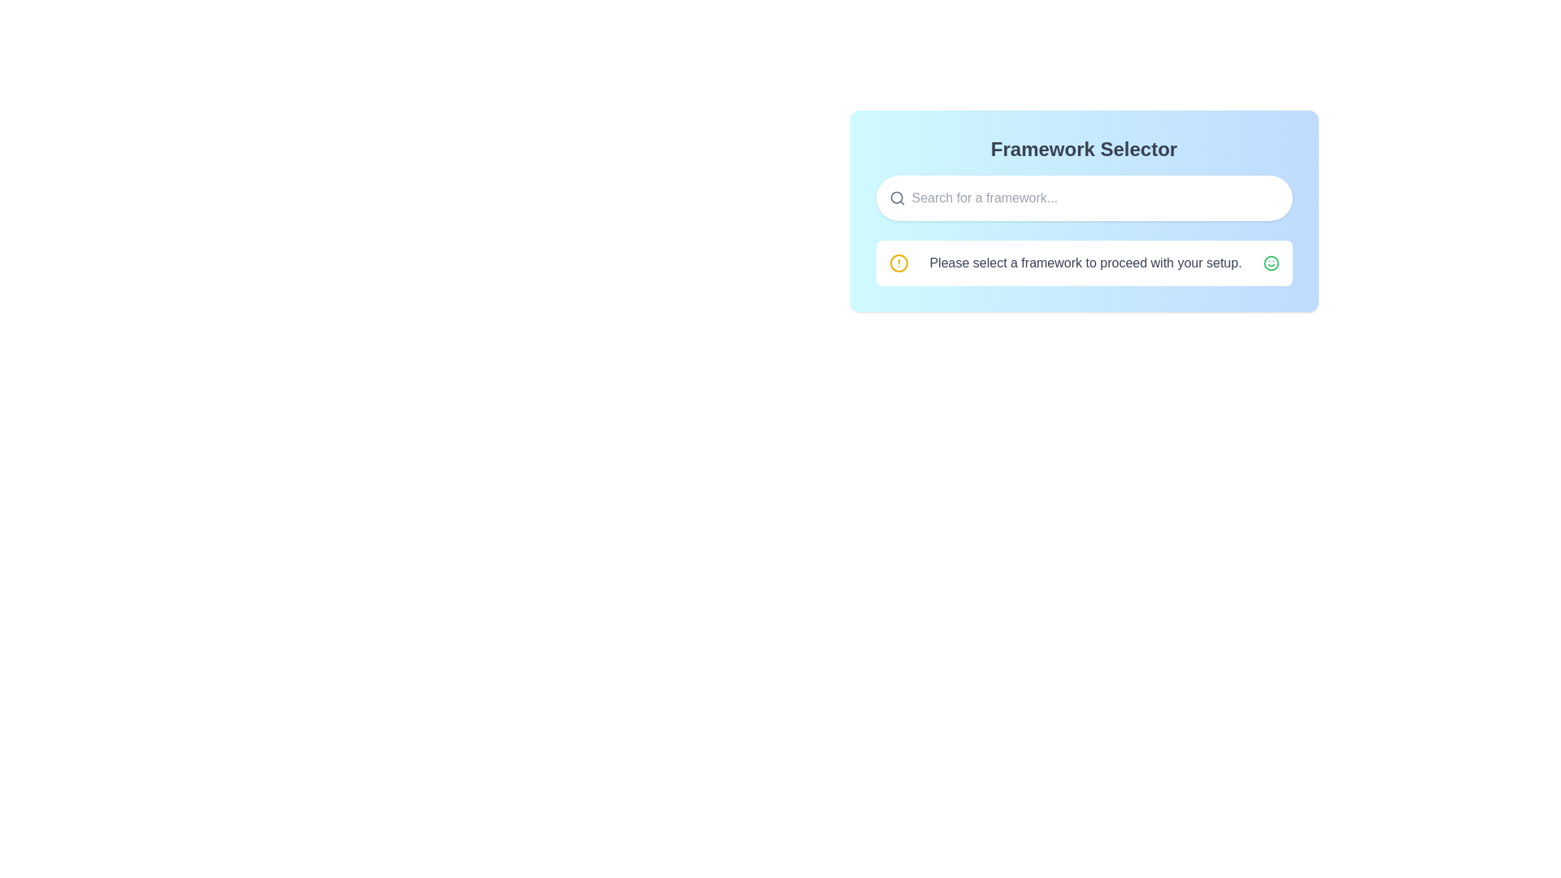 This screenshot has height=878, width=1561. What do you see at coordinates (896, 197) in the screenshot?
I see `the search icon located at the leftmost part of the input group, which indicates the search functionality` at bounding box center [896, 197].